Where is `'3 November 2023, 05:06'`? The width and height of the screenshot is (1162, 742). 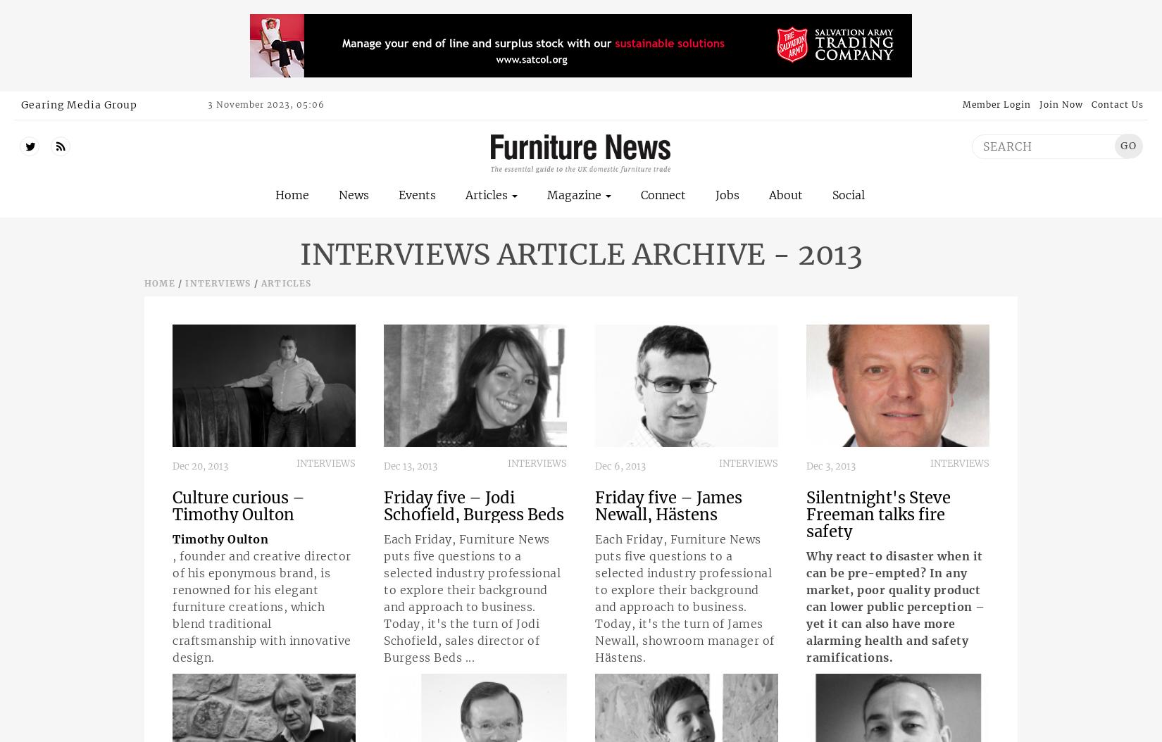 '3 November 2023, 05:06' is located at coordinates (266, 104).